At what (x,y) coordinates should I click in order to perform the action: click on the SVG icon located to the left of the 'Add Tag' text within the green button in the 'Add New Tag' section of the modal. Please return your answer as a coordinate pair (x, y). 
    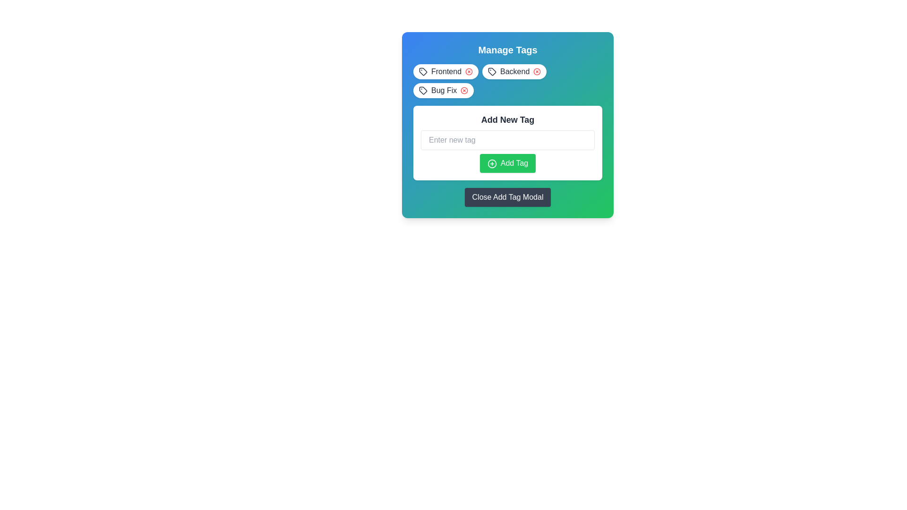
    Looking at the image, I should click on (491, 163).